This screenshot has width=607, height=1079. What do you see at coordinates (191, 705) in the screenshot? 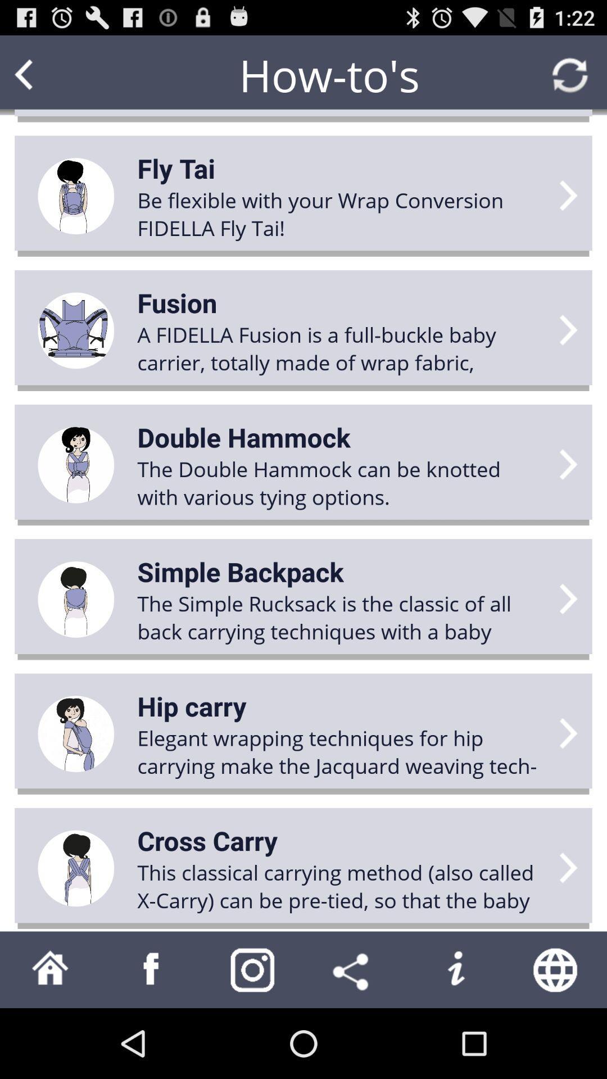
I see `hip carry` at bounding box center [191, 705].